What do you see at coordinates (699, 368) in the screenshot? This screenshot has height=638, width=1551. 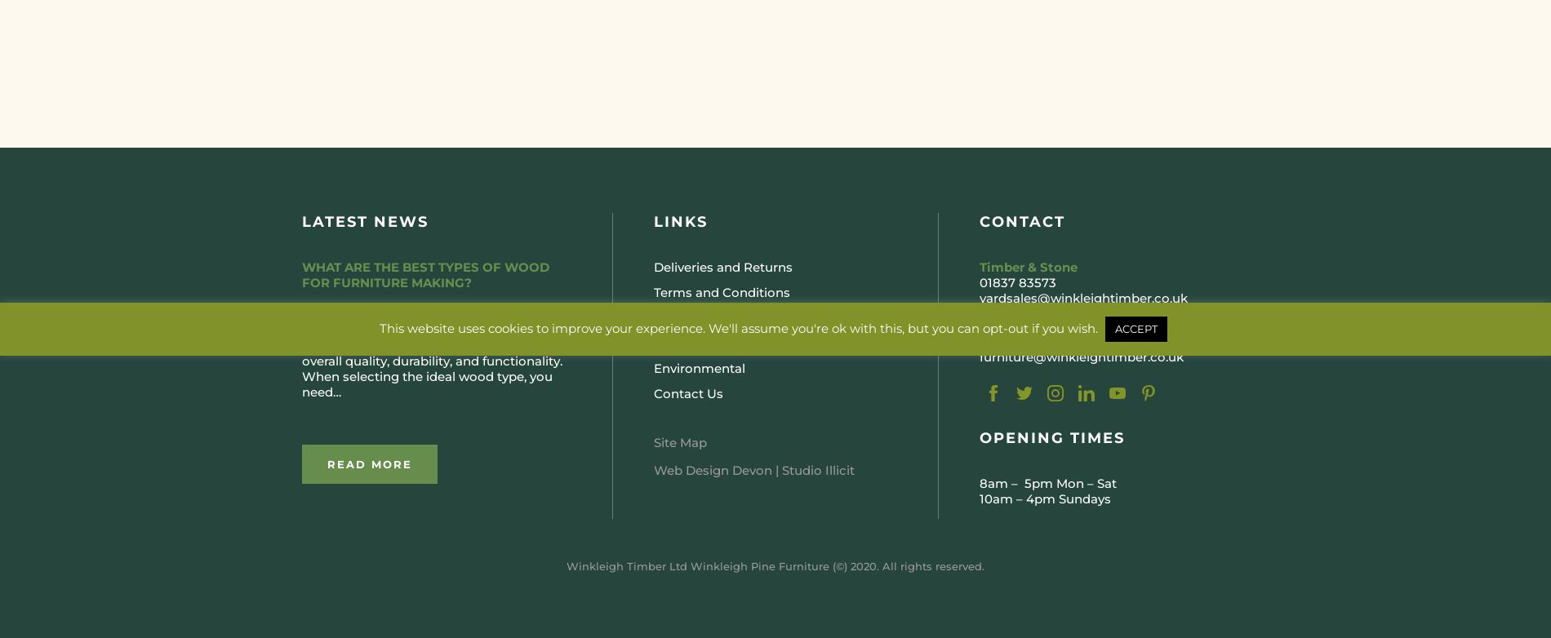 I see `'Environmental'` at bounding box center [699, 368].